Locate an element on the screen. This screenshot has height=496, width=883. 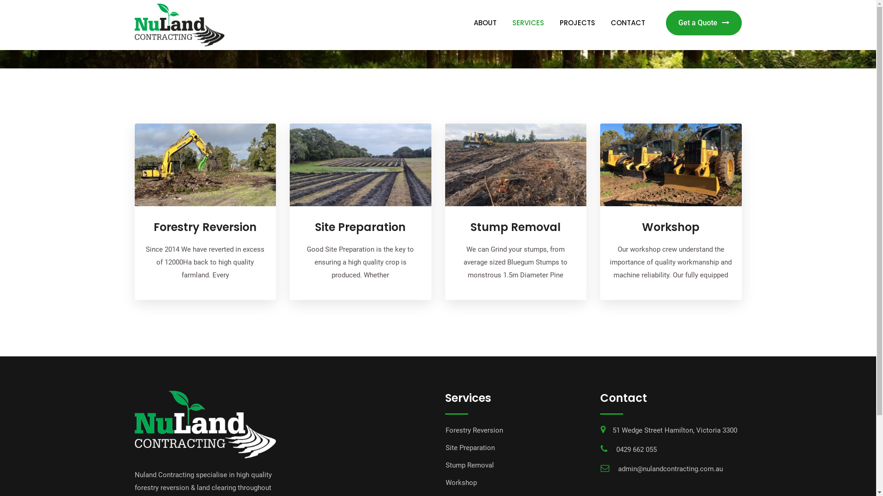
'Forestry Reversion' is located at coordinates (474, 430).